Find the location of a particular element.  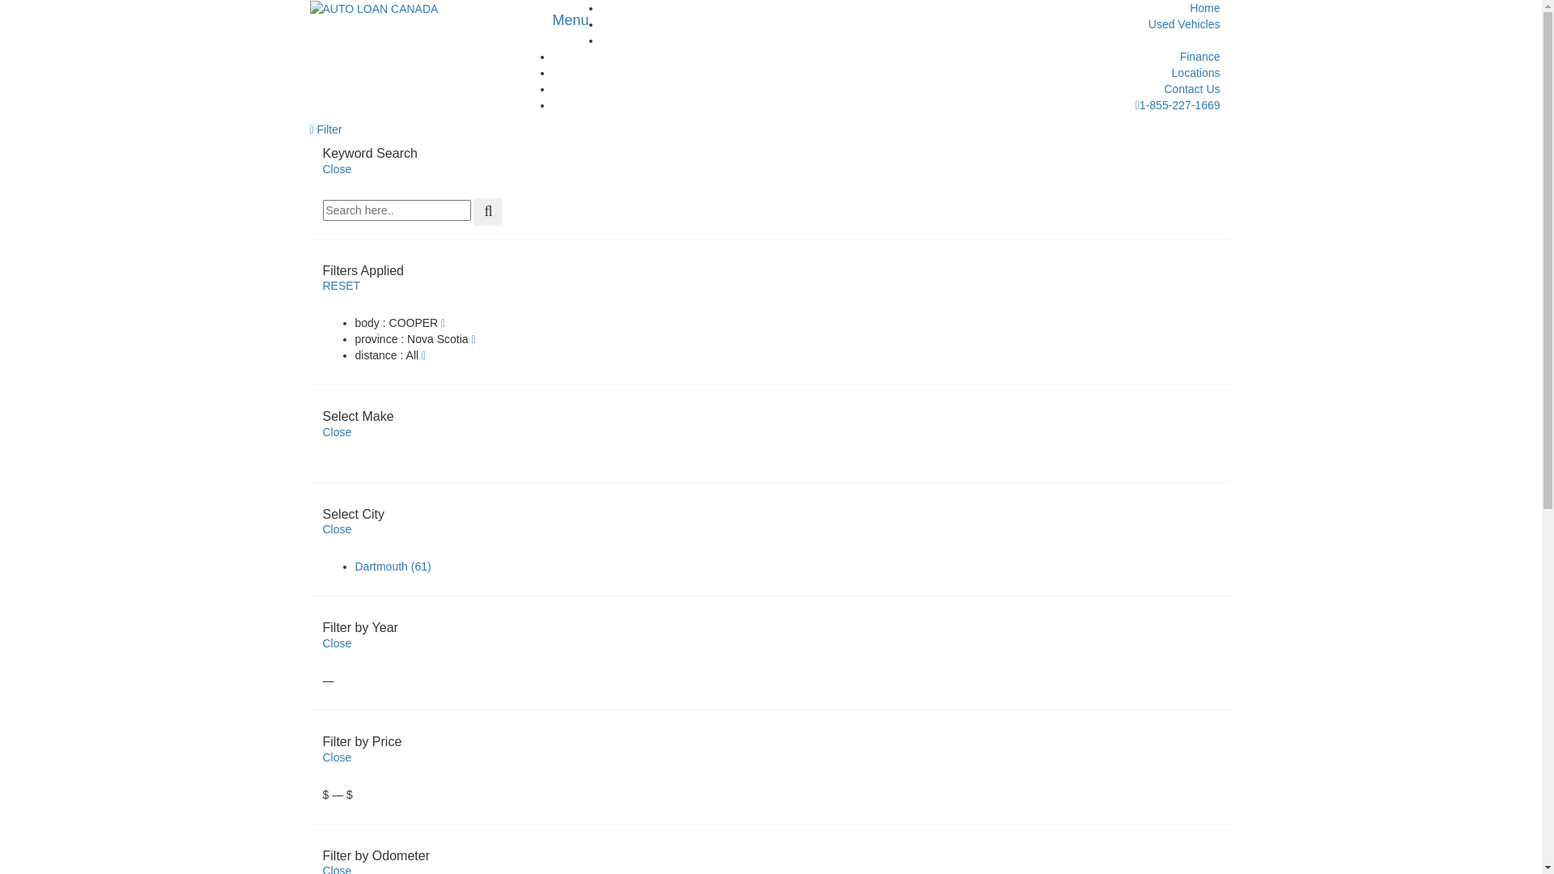

'Close' is located at coordinates (336, 168).